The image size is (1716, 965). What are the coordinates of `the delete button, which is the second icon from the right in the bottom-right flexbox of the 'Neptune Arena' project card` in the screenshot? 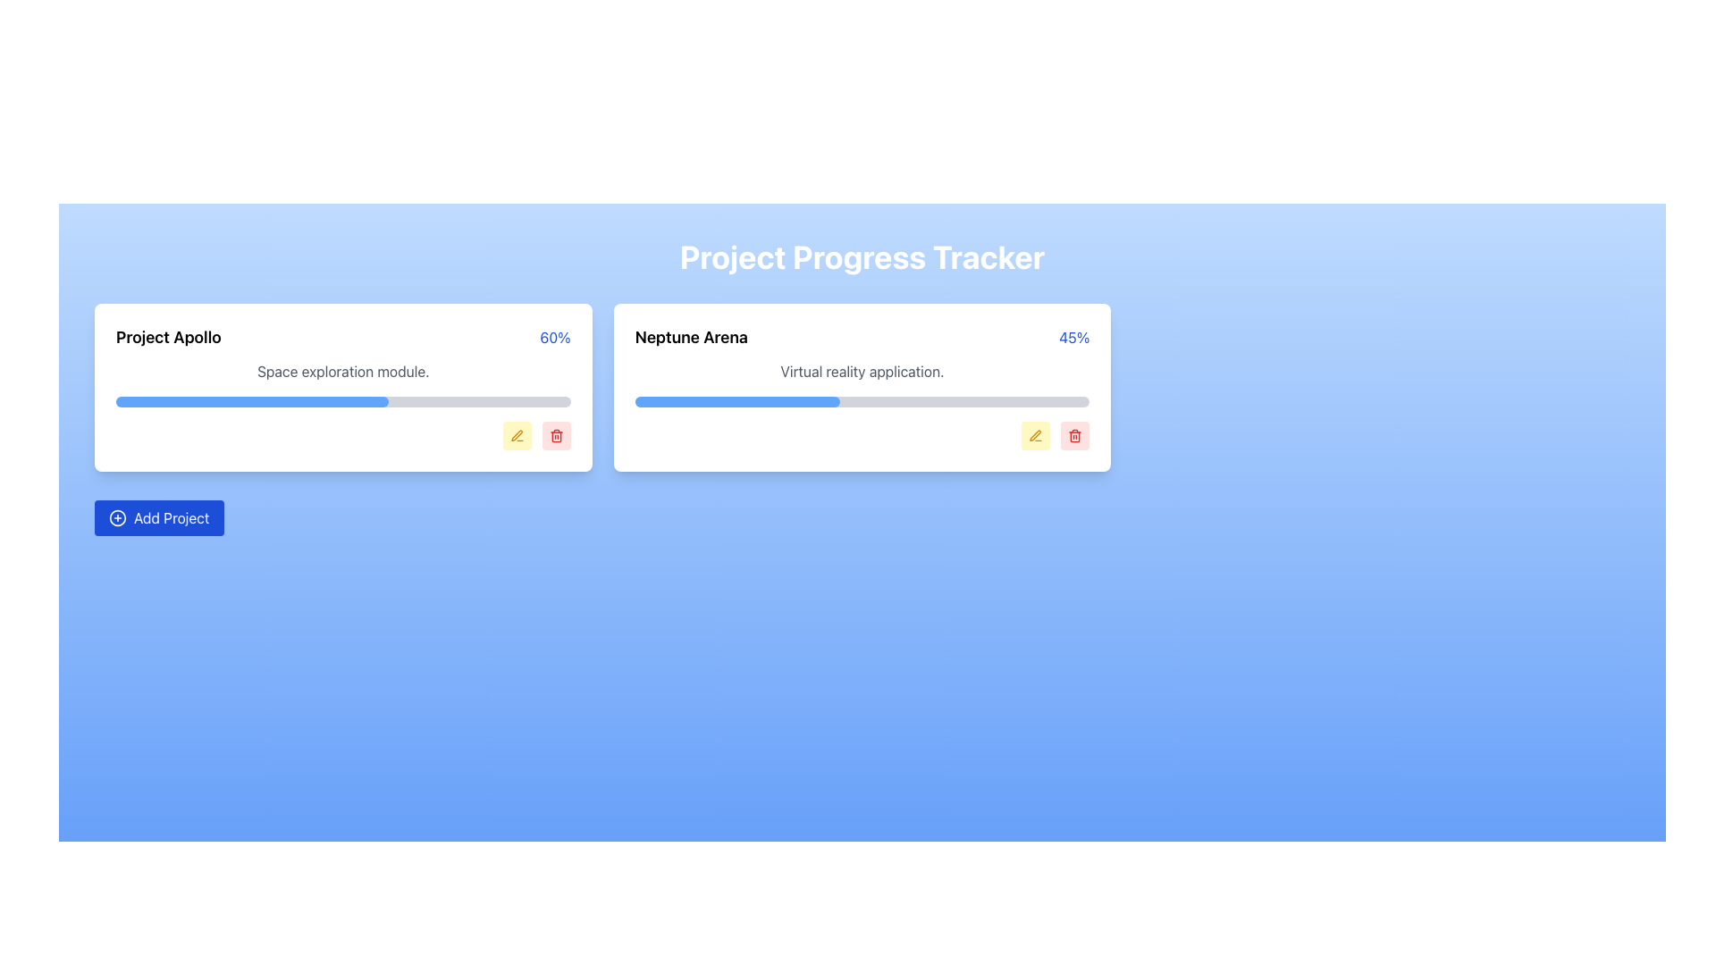 It's located at (1074, 436).